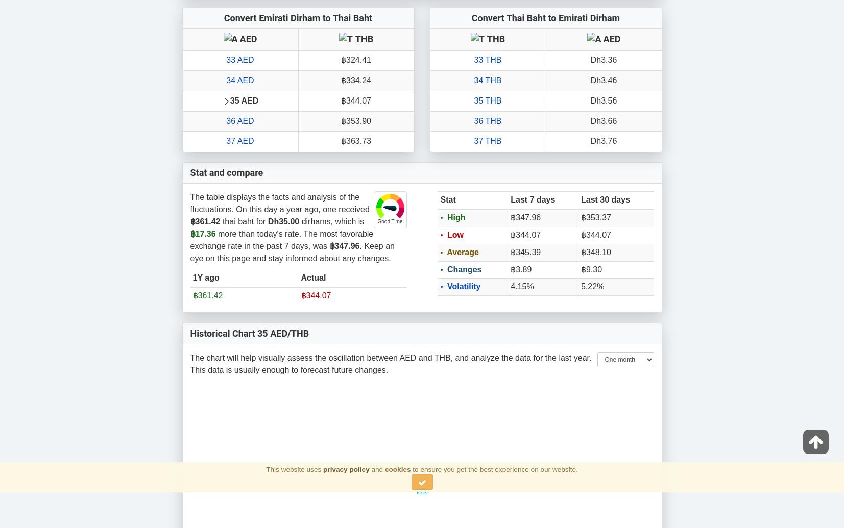 The width and height of the screenshot is (844, 528). Describe the element at coordinates (590, 80) in the screenshot. I see `'Dh3.46'` at that location.